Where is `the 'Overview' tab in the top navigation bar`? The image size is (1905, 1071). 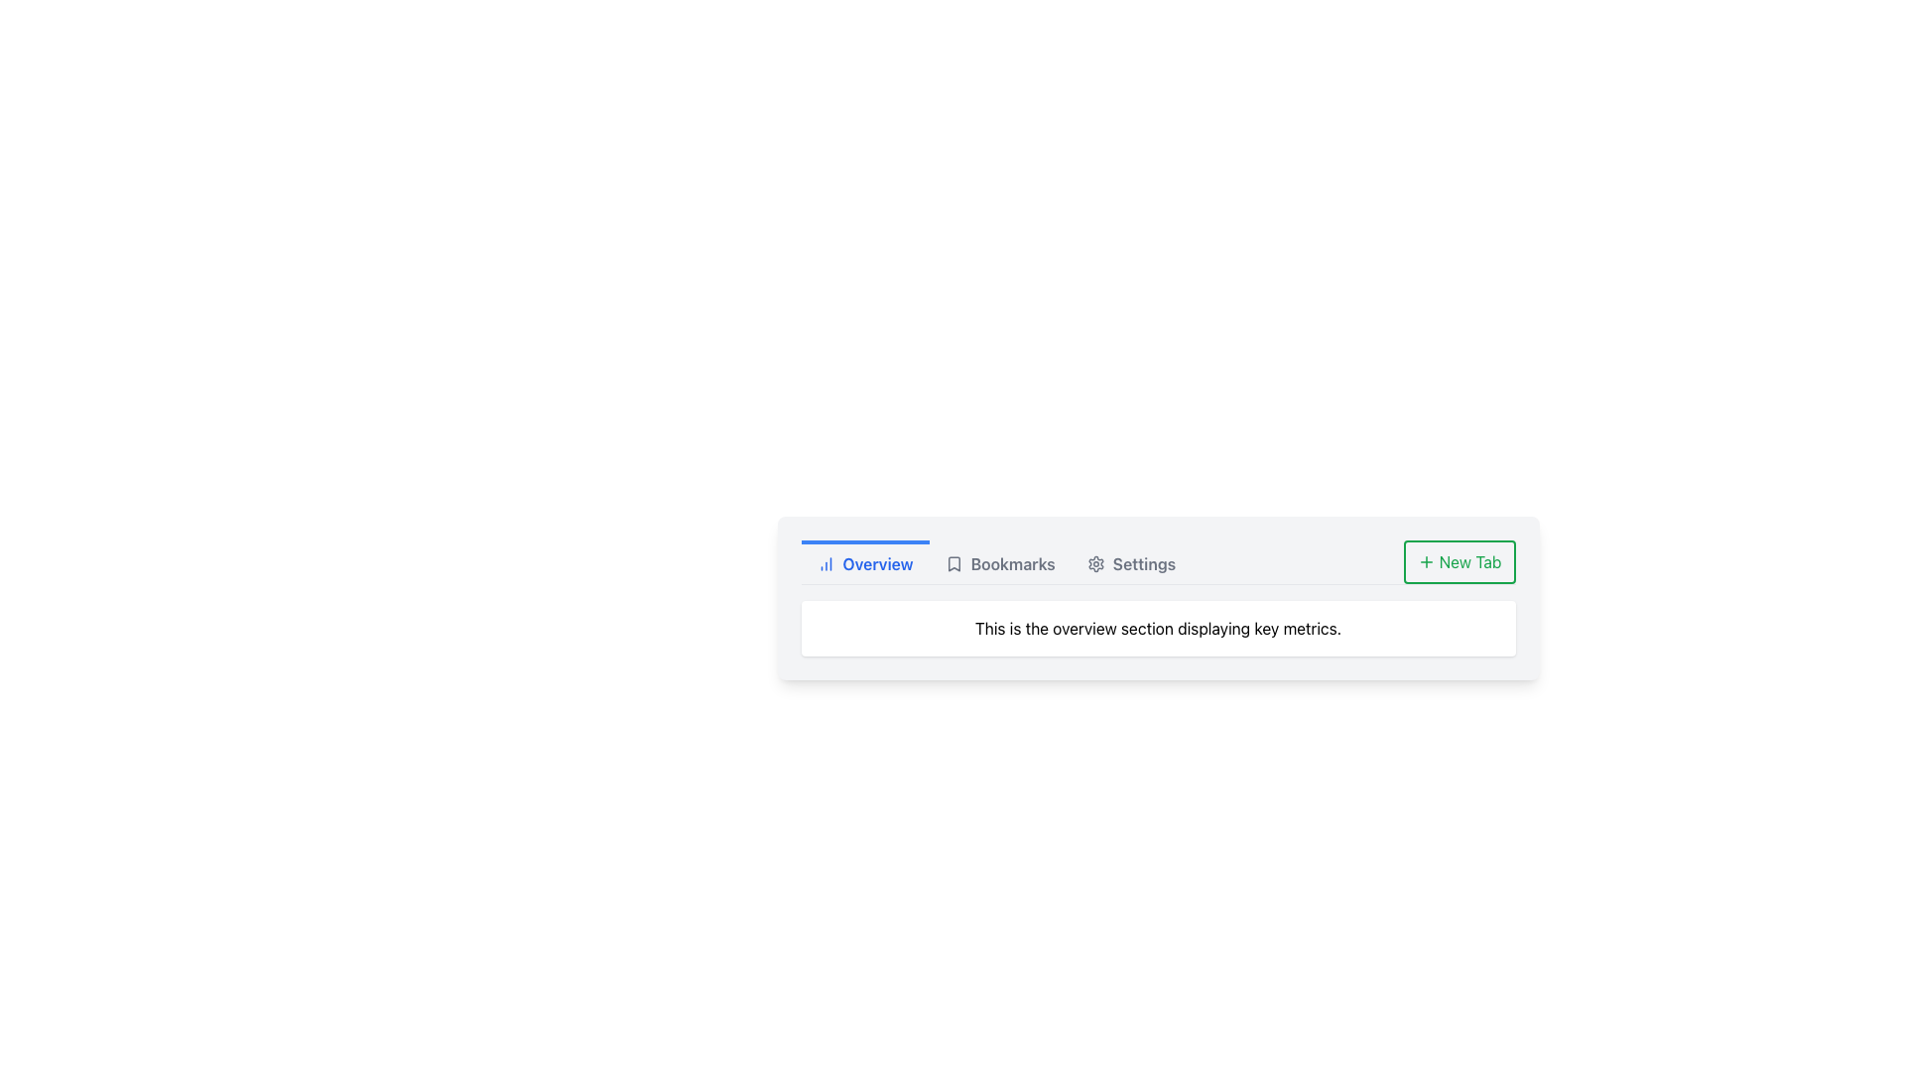
the 'Overview' tab in the top navigation bar is located at coordinates (865, 562).